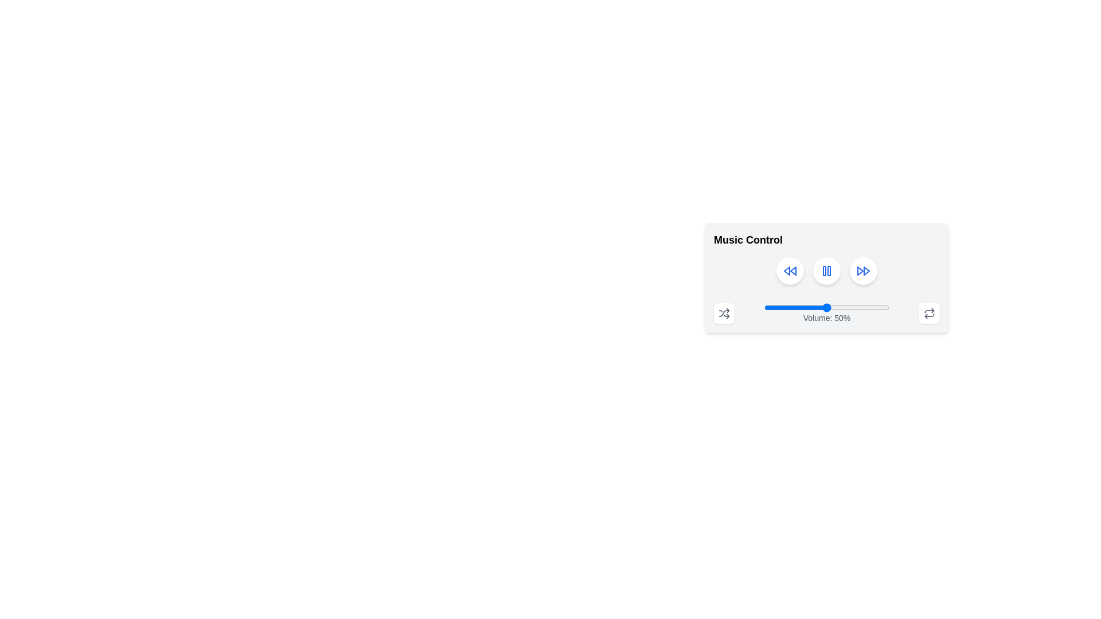 The image size is (1101, 619). I want to click on volume, so click(854, 307).